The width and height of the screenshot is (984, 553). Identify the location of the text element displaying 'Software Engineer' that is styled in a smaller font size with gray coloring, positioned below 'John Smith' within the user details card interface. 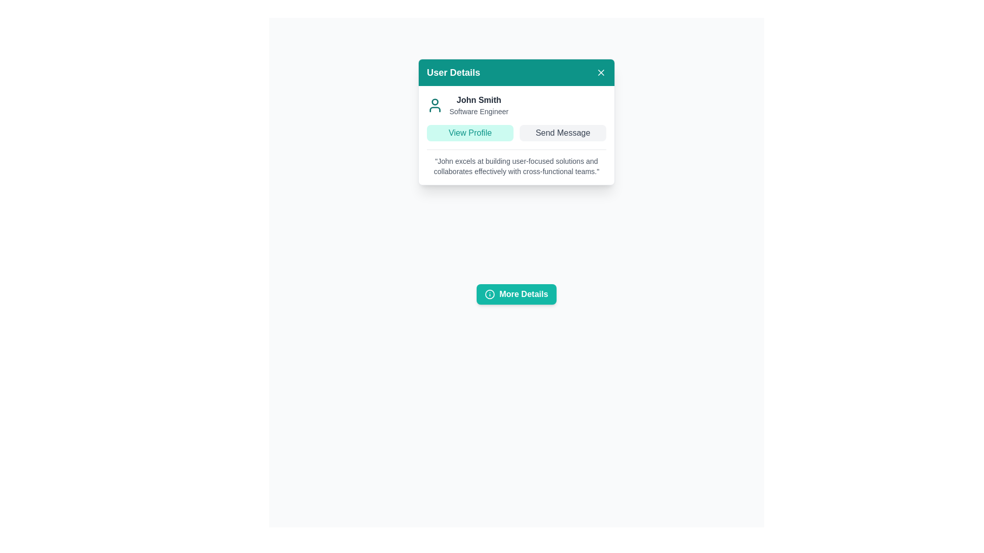
(478, 112).